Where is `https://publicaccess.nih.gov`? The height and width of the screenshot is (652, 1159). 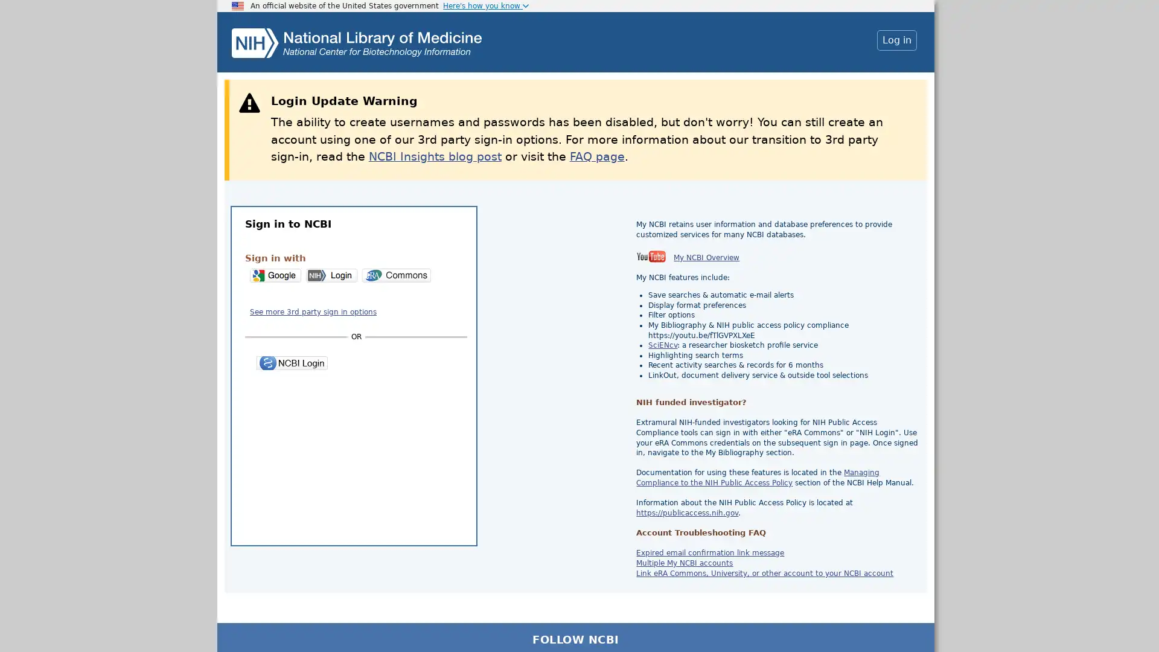 https://publicaccess.nih.gov is located at coordinates (687, 512).